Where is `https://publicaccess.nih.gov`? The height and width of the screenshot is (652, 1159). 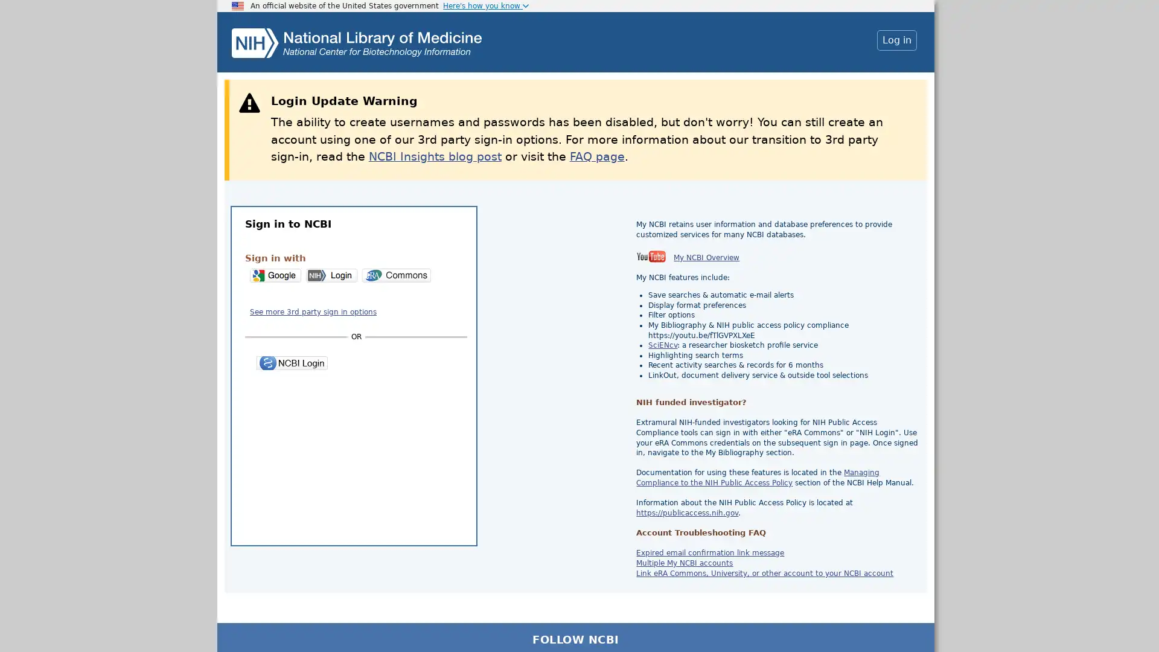 https://publicaccess.nih.gov is located at coordinates (687, 512).